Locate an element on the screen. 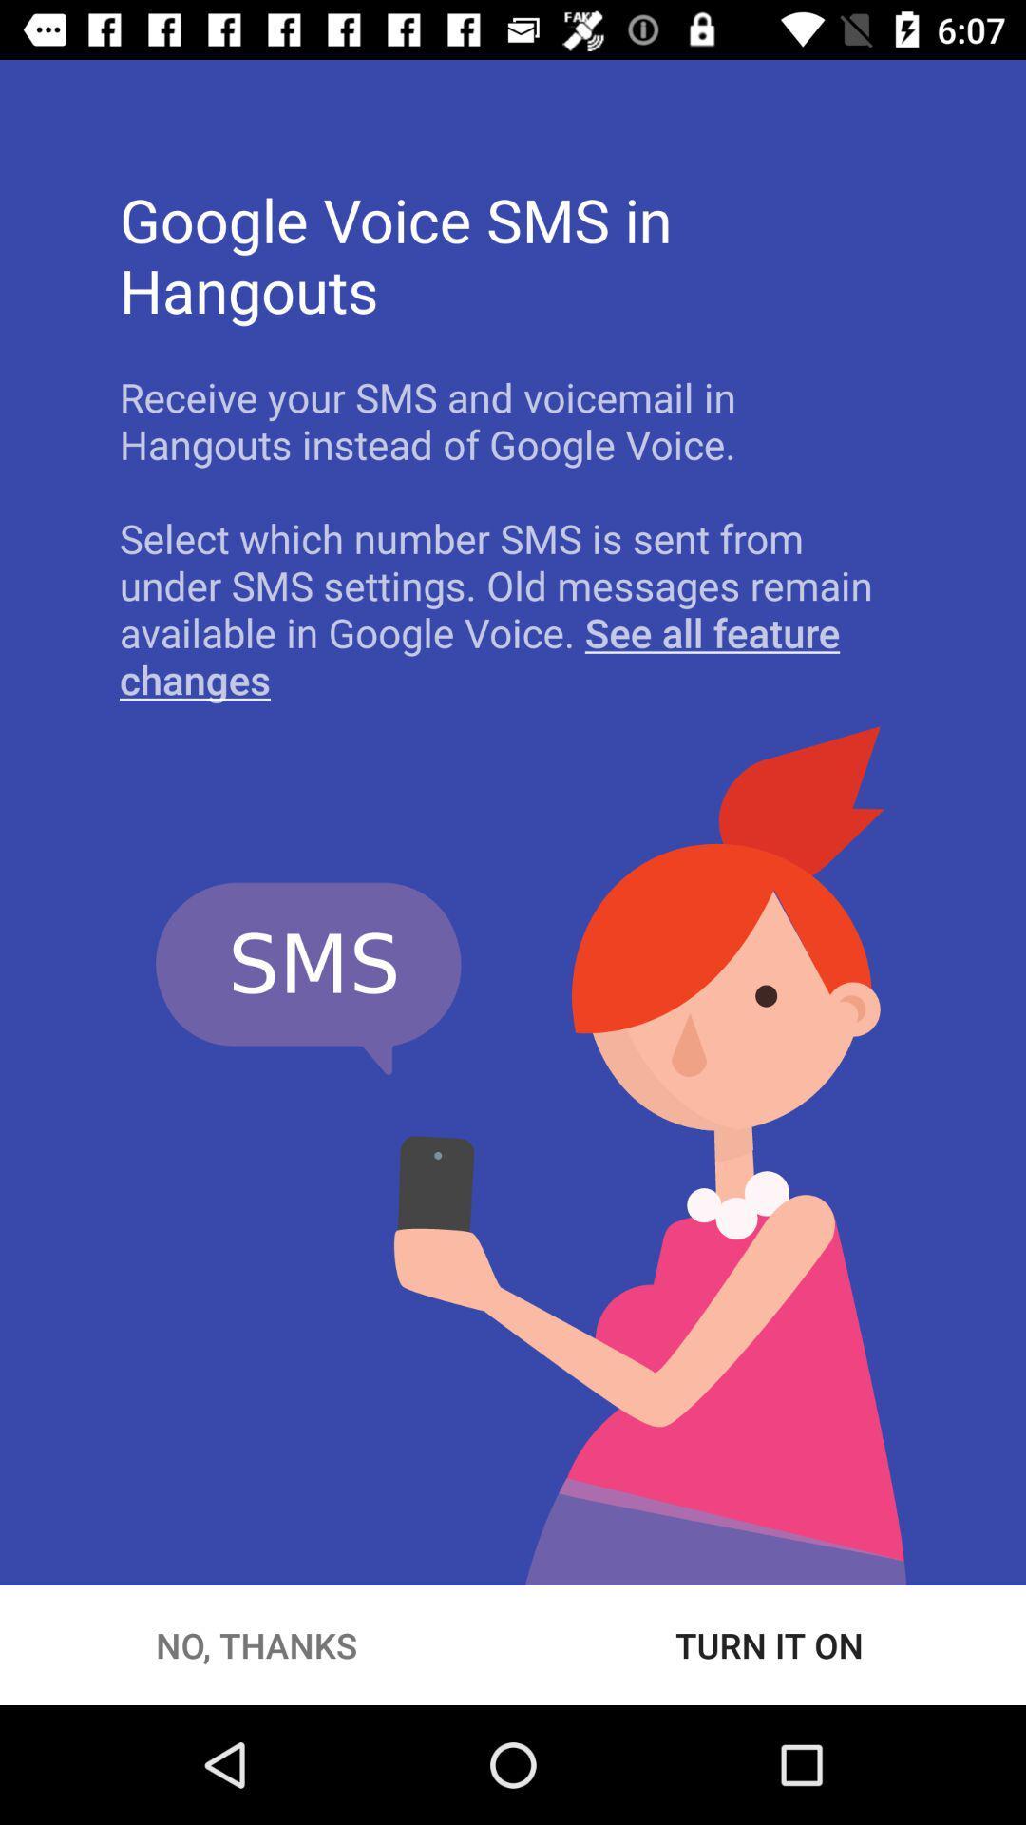  the item next to no, thanks is located at coordinates (769, 1644).